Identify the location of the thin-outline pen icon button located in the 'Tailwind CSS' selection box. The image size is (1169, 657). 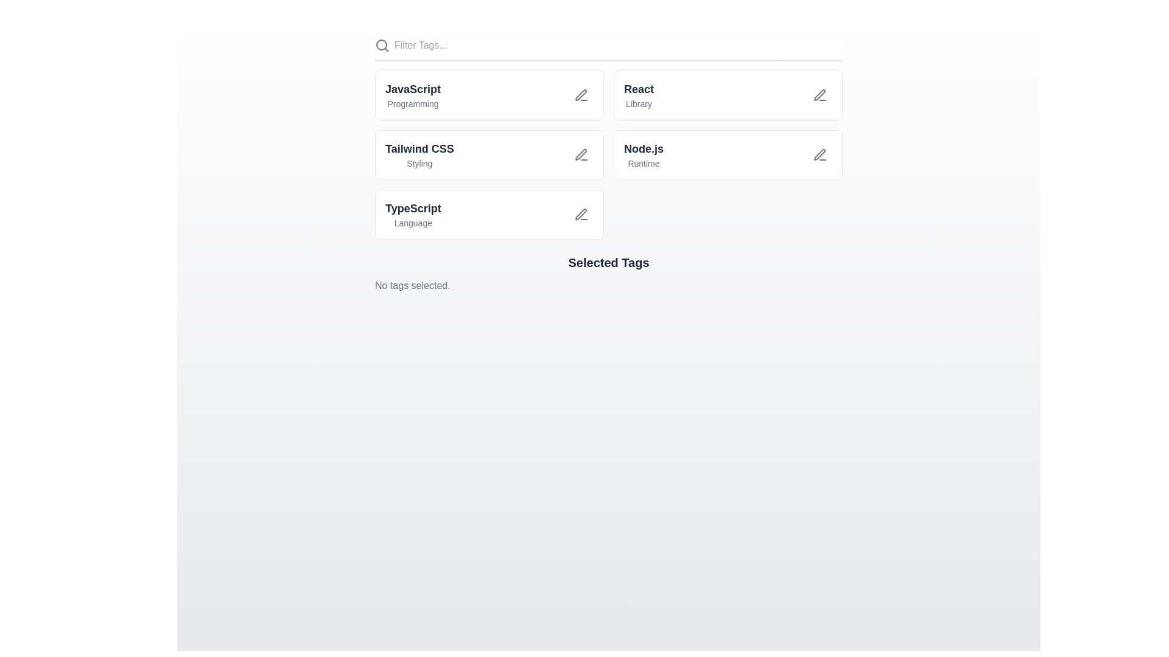
(581, 154).